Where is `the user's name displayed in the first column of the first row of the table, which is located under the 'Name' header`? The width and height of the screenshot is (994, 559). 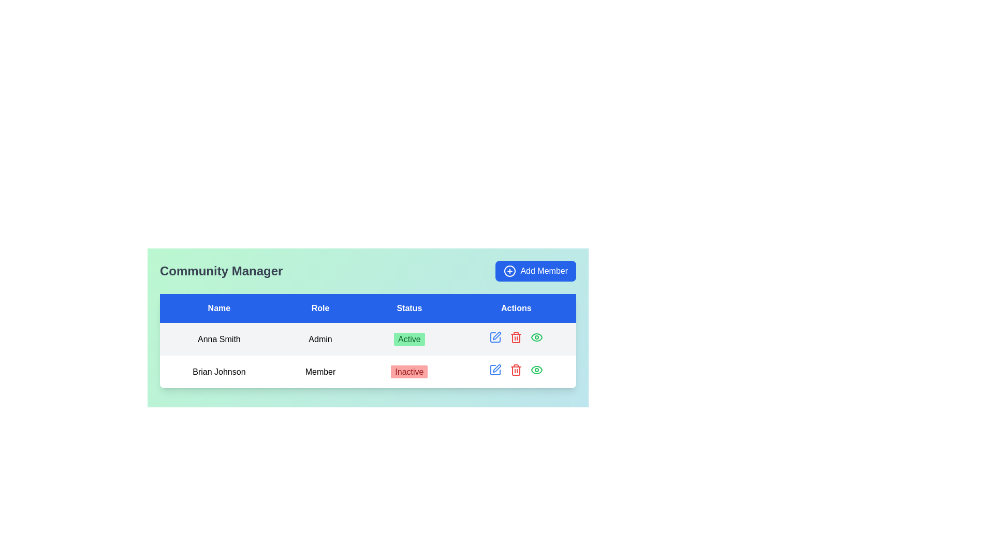
the user's name displayed in the first column of the first row of the table, which is located under the 'Name' header is located at coordinates (218, 339).